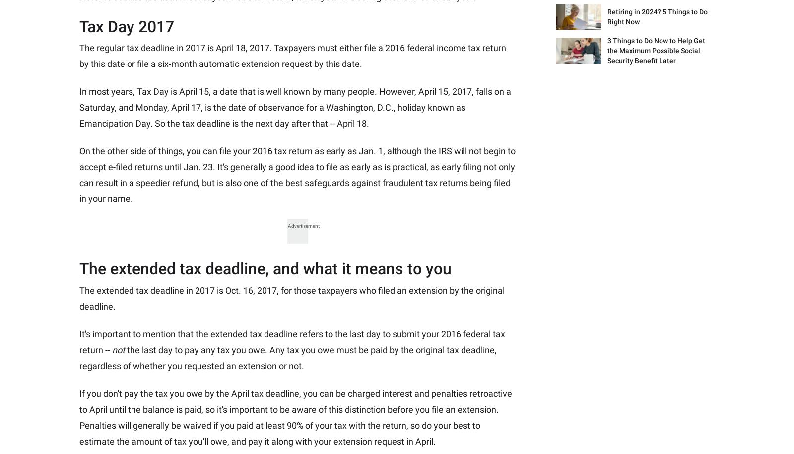  I want to click on 'Disclosure Policy', so click(232, 255).